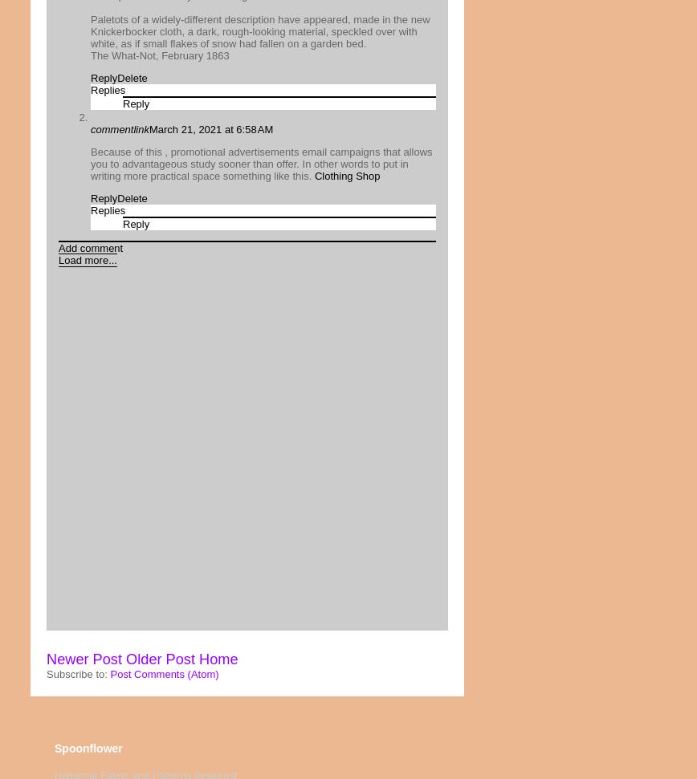 This screenshot has width=697, height=779. I want to click on 'Newer Post', so click(84, 658).